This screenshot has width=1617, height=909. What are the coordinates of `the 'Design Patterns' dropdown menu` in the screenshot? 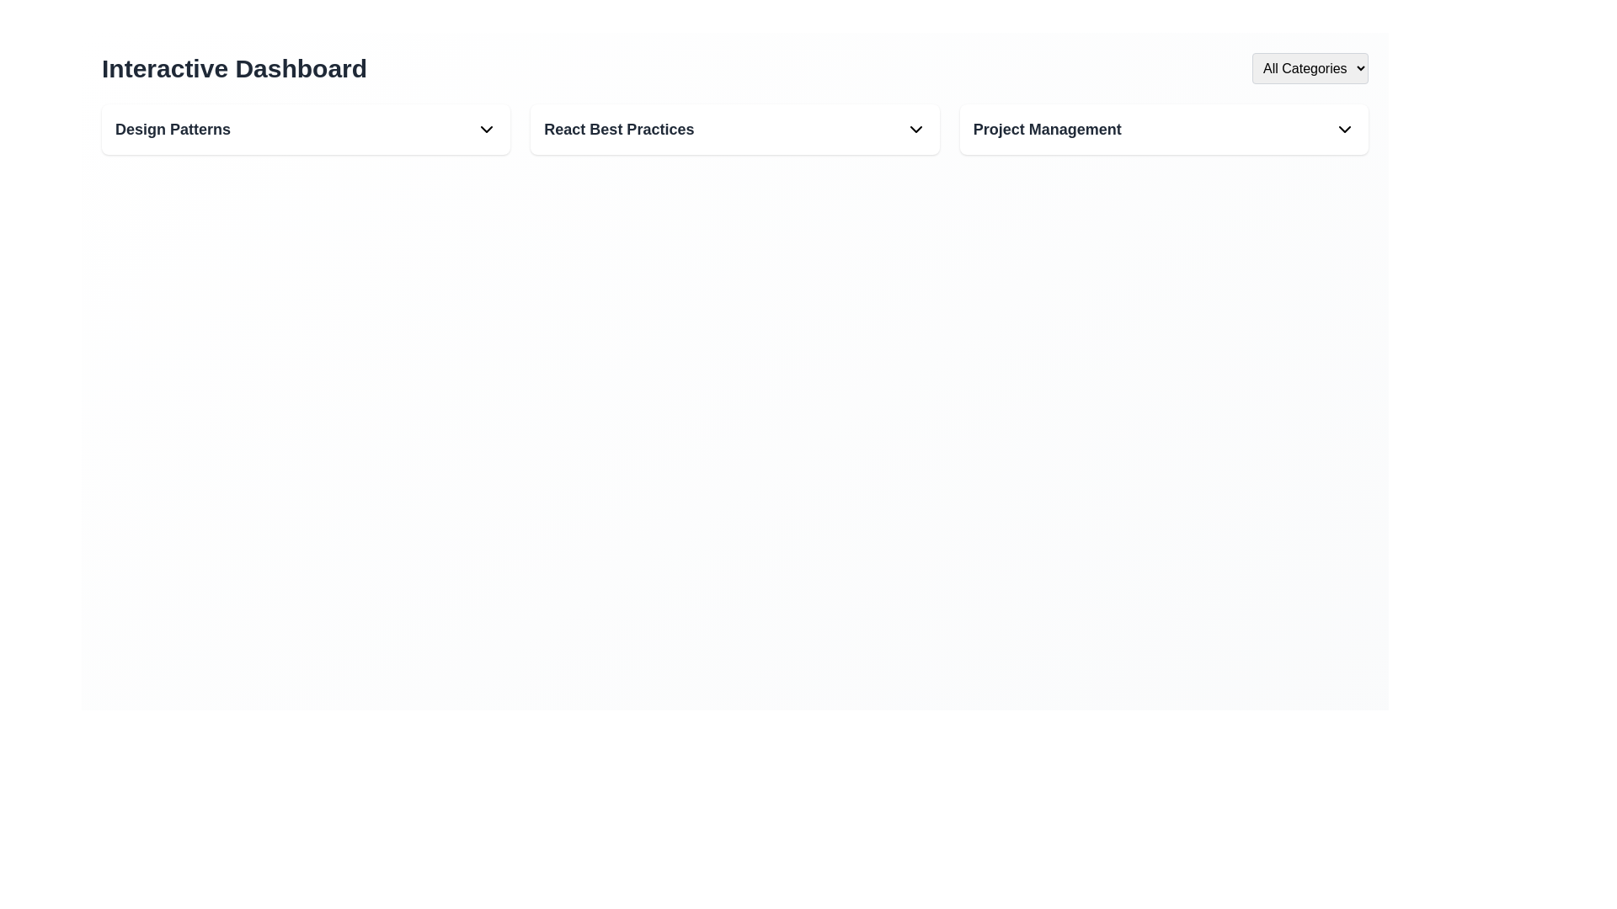 It's located at (306, 129).